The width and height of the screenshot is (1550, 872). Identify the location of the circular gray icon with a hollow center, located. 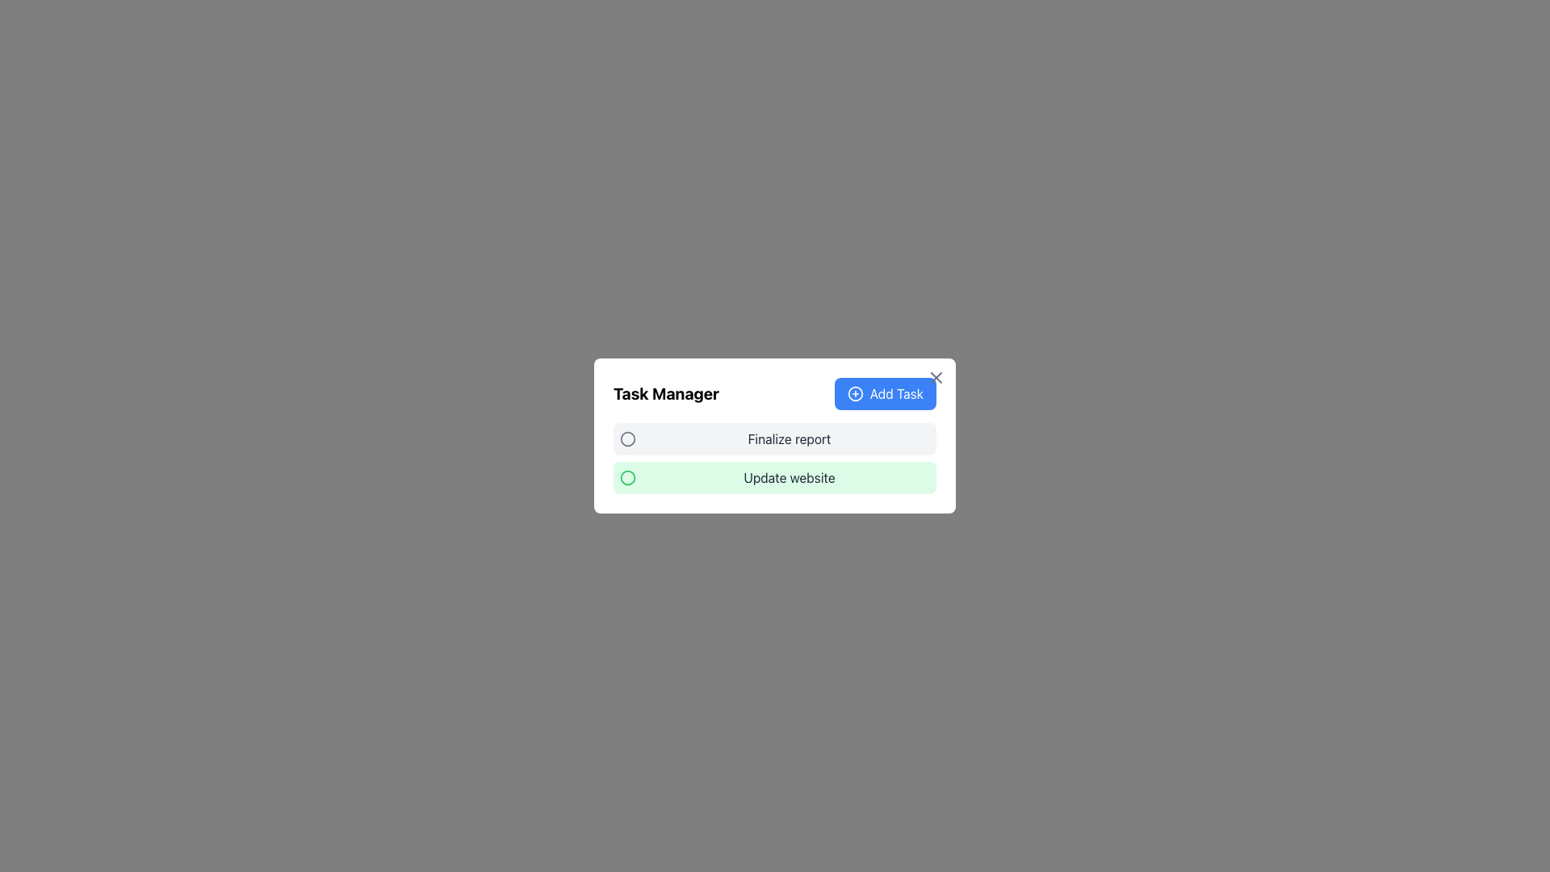
(626, 438).